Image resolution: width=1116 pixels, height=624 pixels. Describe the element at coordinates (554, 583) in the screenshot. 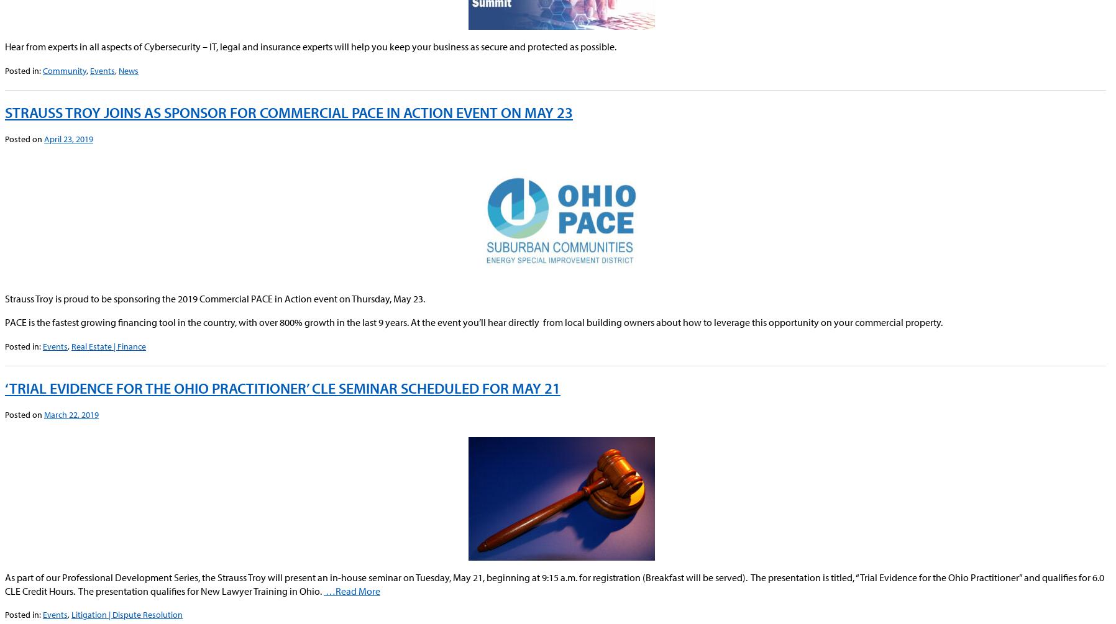

I see `'As part of our Professional Development Series, the Strauss Troy will present an in-house seminar on Tuesday, May 21, beginning at 9:15 a.m. for registration (Breakfast will be served).  The presentation is titled, “Trial Evidence for the Ohio Practitioner” and qualifies for 6.0 CLE Credit Hours.  The presentation qualifies for New Lawyer Training in Ohio.'` at that location.